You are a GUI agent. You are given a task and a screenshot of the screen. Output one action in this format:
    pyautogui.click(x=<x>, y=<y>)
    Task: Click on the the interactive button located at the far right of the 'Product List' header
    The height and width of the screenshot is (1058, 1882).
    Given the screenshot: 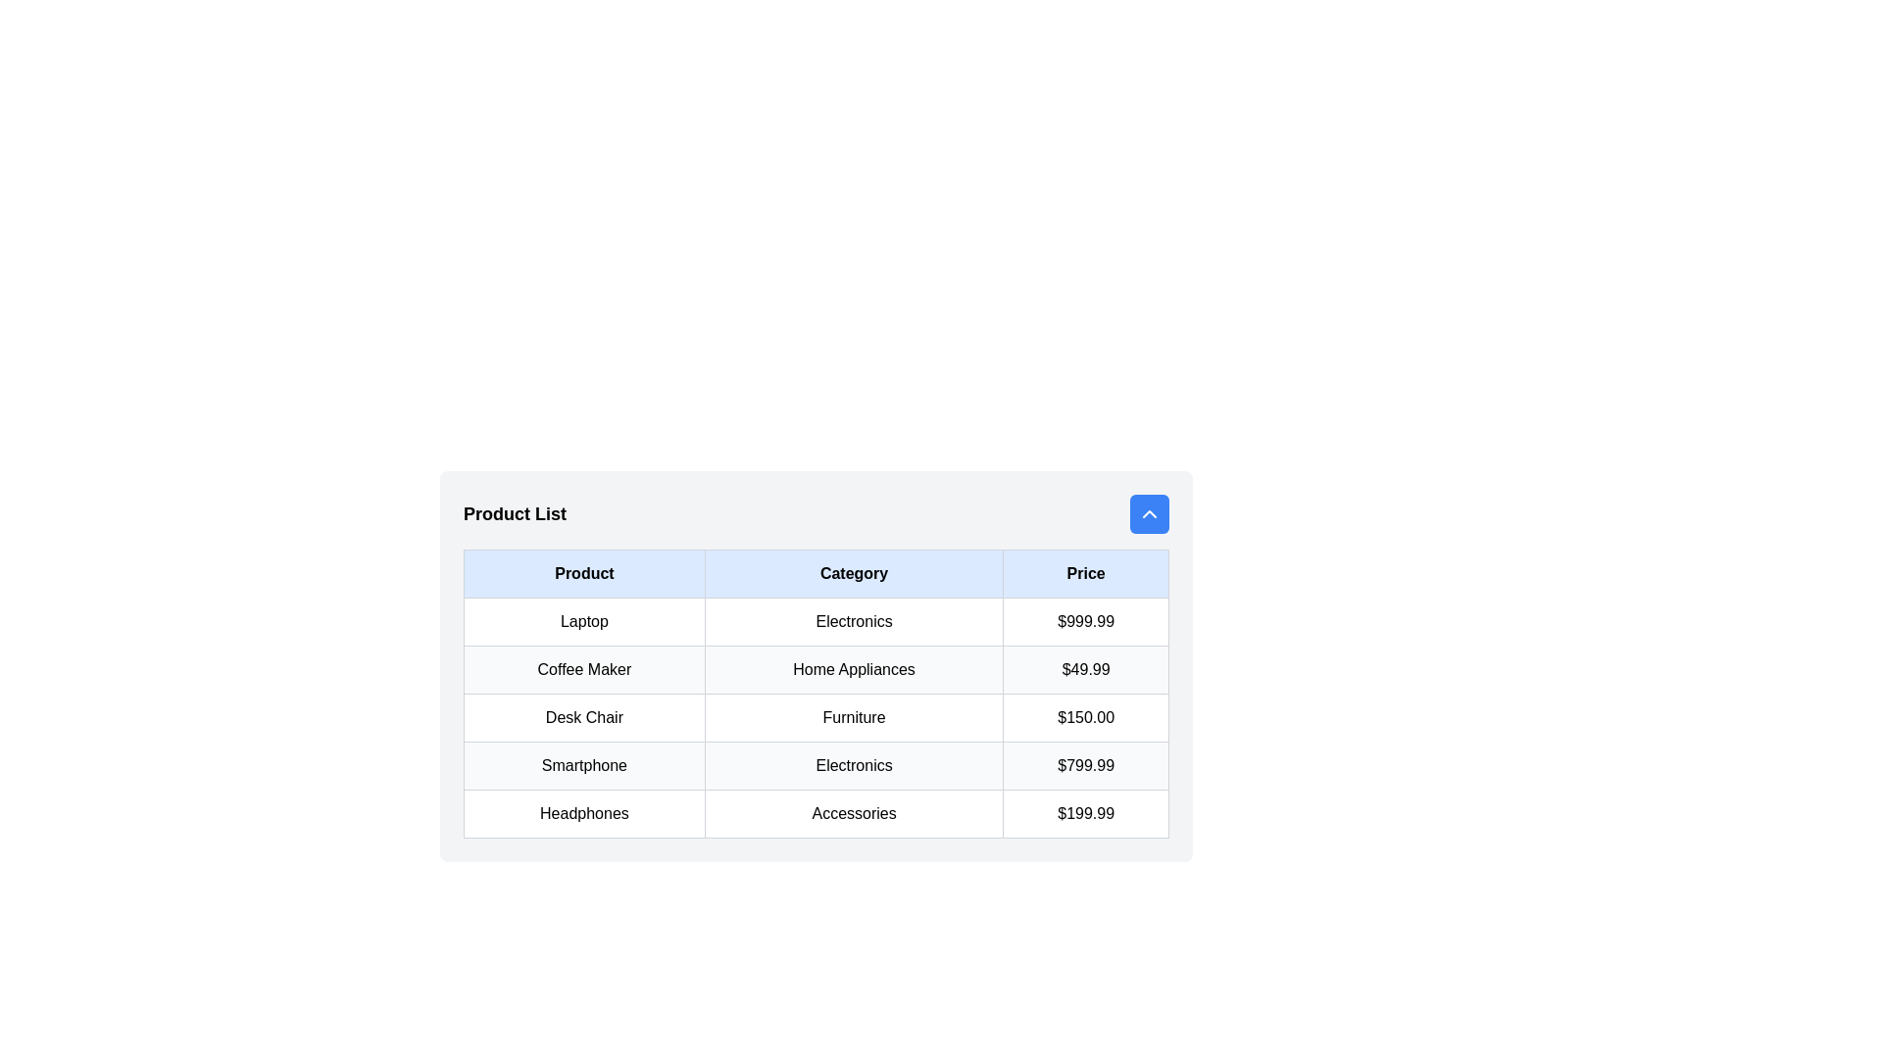 What is the action you would take?
    pyautogui.click(x=1149, y=512)
    